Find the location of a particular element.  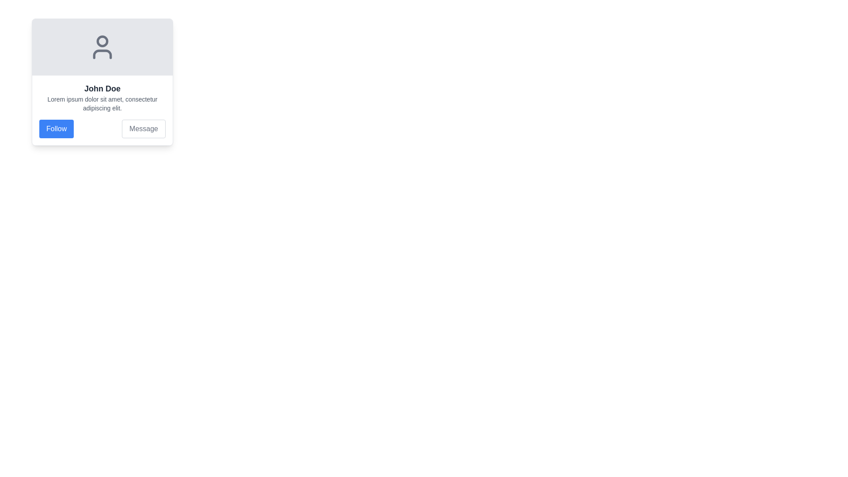

the rectangular 'Follow' button with a blue background and white text to follow the user is located at coordinates (56, 129).